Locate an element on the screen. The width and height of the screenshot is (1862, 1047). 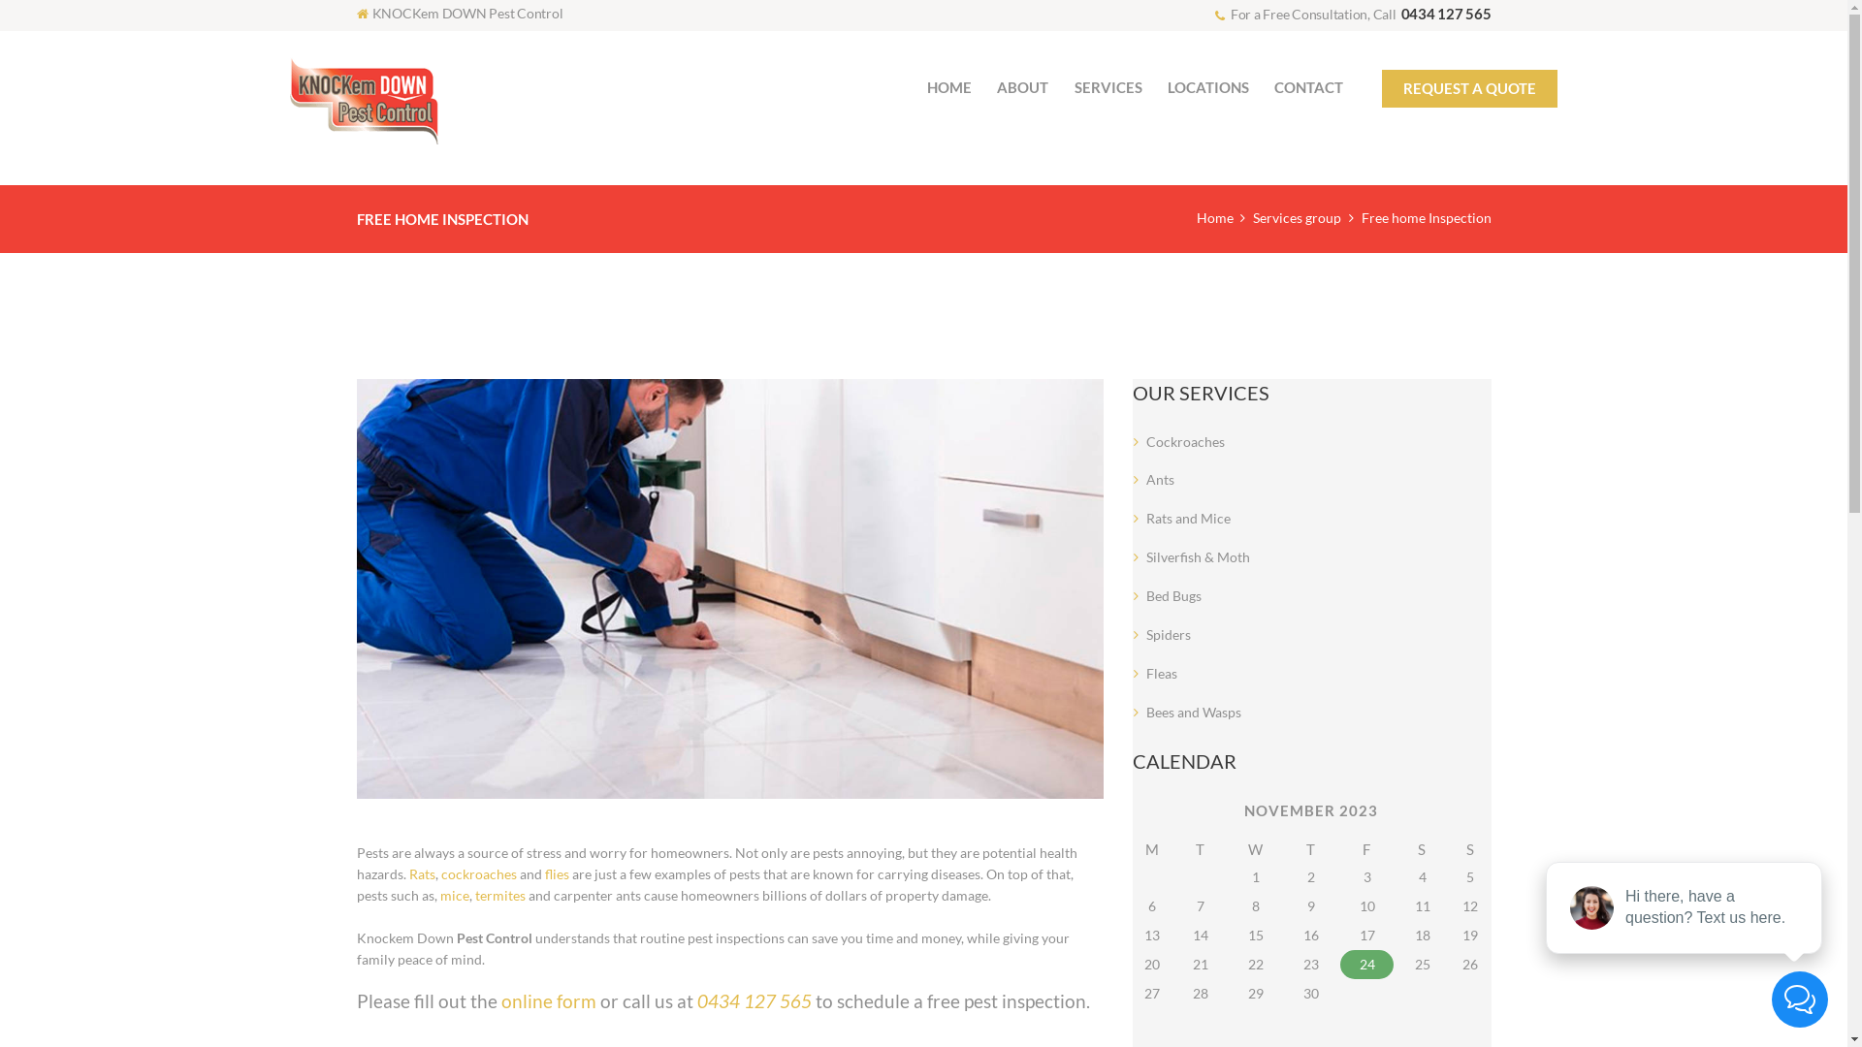
'0434 127 565' is located at coordinates (753, 1000).